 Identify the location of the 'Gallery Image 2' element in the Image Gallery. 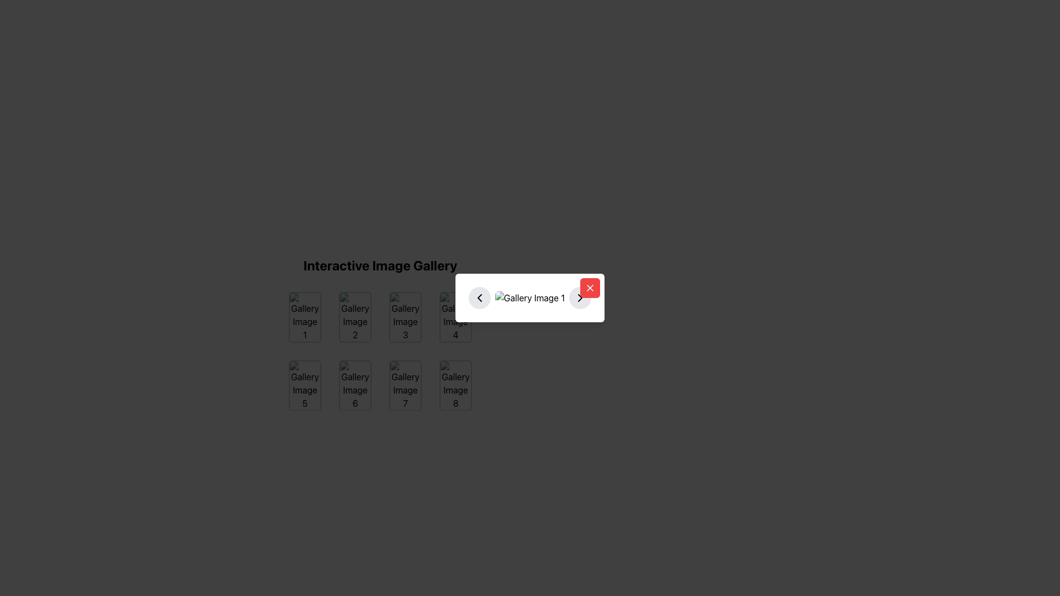
(355, 317).